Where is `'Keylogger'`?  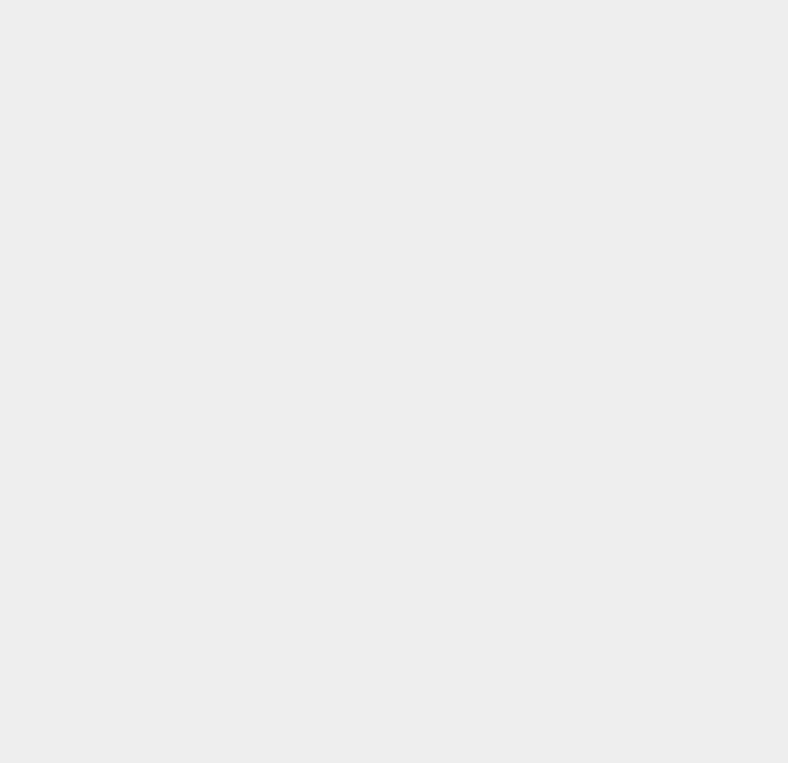 'Keylogger' is located at coordinates (580, 270).